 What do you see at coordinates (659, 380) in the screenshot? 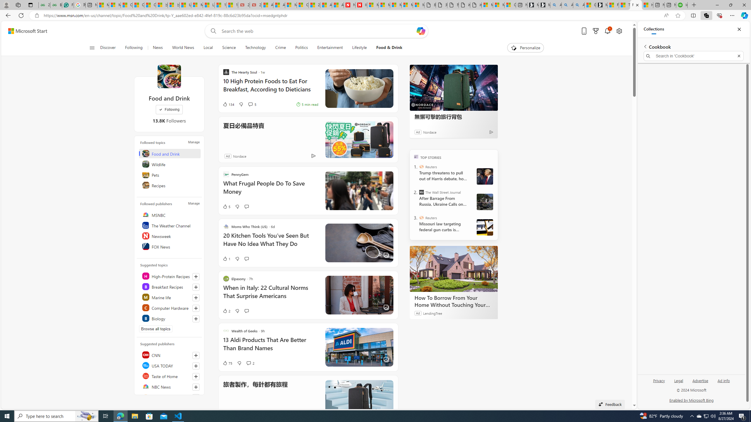
I see `'Privacy'` at bounding box center [659, 380].